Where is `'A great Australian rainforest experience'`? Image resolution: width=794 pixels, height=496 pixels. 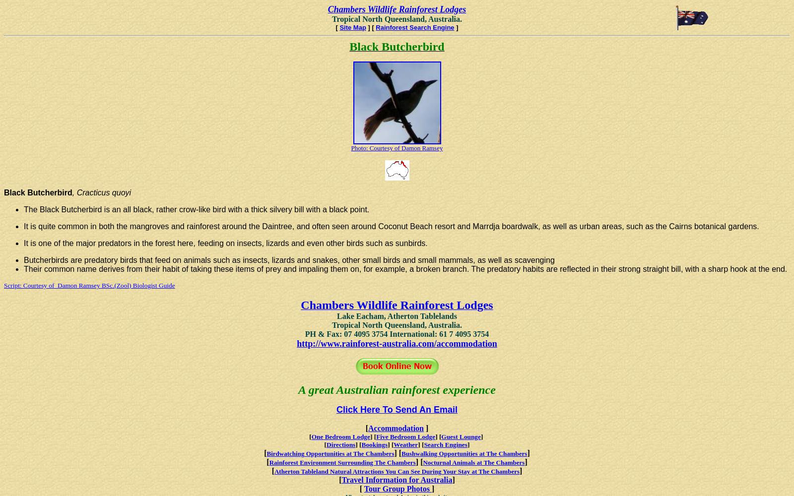 'A great Australian rainforest experience' is located at coordinates (297, 390).